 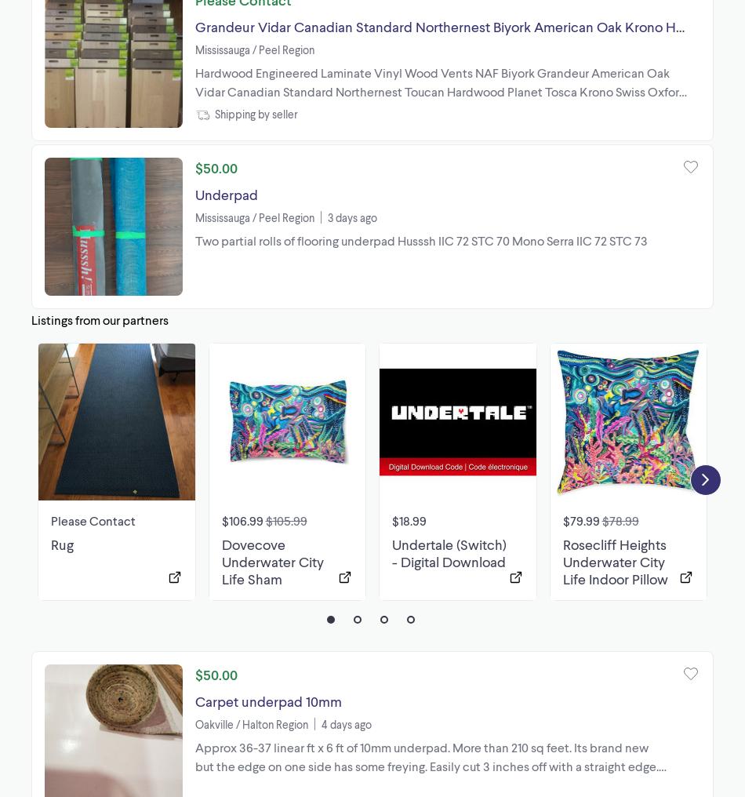 What do you see at coordinates (285, 519) in the screenshot?
I see `'$105.99'` at bounding box center [285, 519].